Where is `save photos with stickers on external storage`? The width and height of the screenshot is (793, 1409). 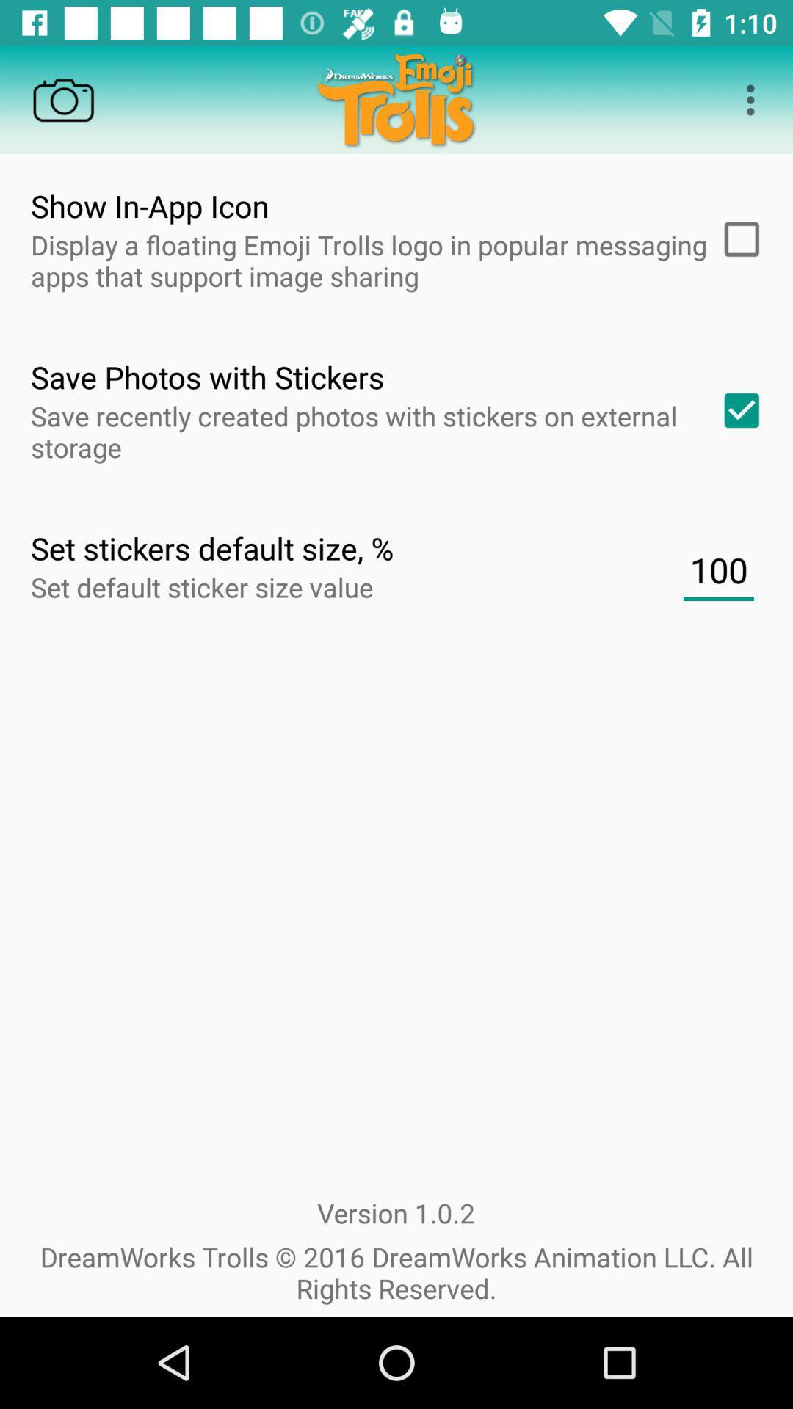 save photos with stickers on external storage is located at coordinates (736, 410).